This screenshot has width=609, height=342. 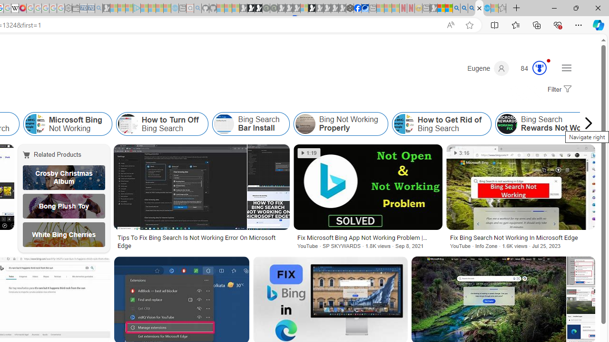 What do you see at coordinates (273, 8) in the screenshot?
I see `'Future Focus Report 2024 - Sleeping'` at bounding box center [273, 8].